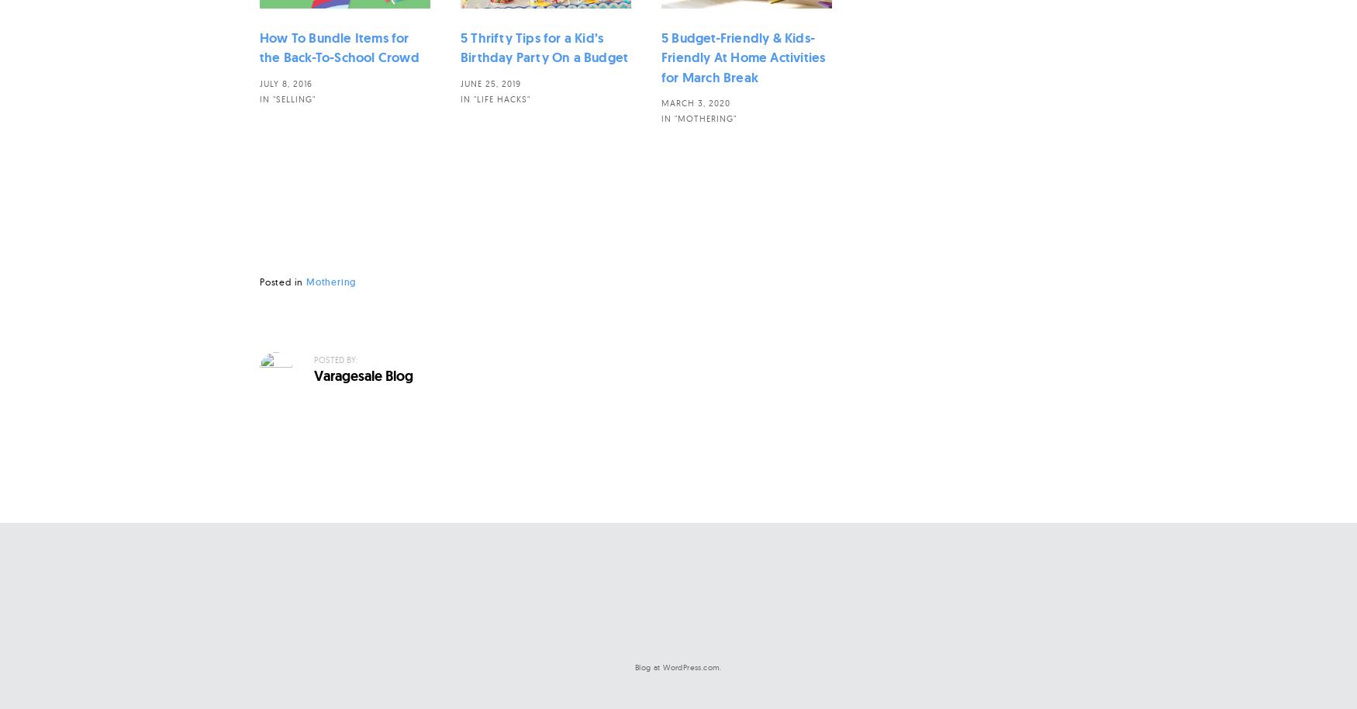 The height and width of the screenshot is (709, 1357). What do you see at coordinates (283, 281) in the screenshot?
I see `'Posted in'` at bounding box center [283, 281].